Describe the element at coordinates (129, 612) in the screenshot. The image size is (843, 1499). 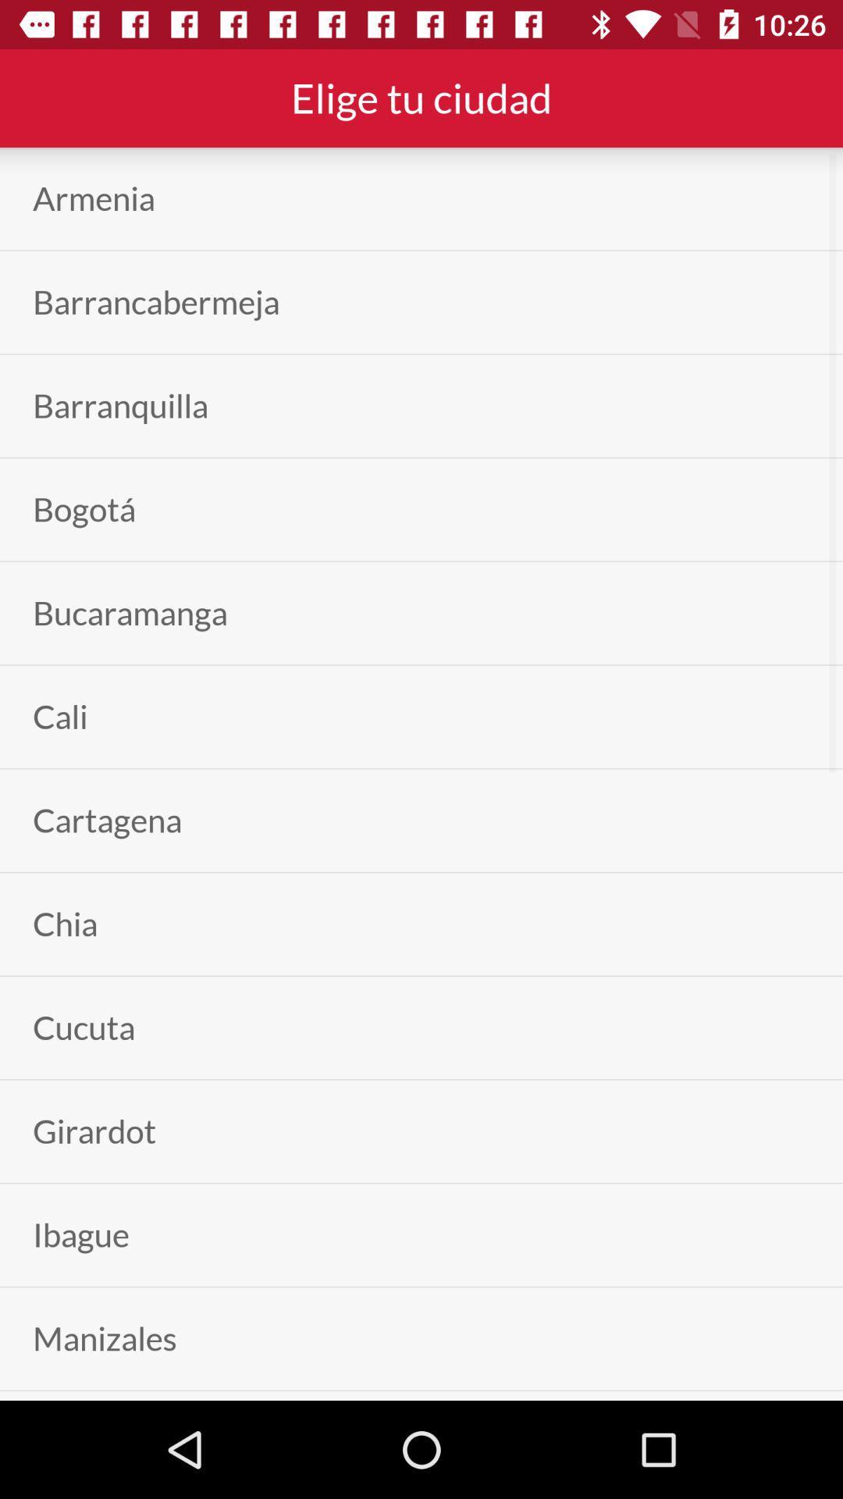
I see `the app above cali icon` at that location.